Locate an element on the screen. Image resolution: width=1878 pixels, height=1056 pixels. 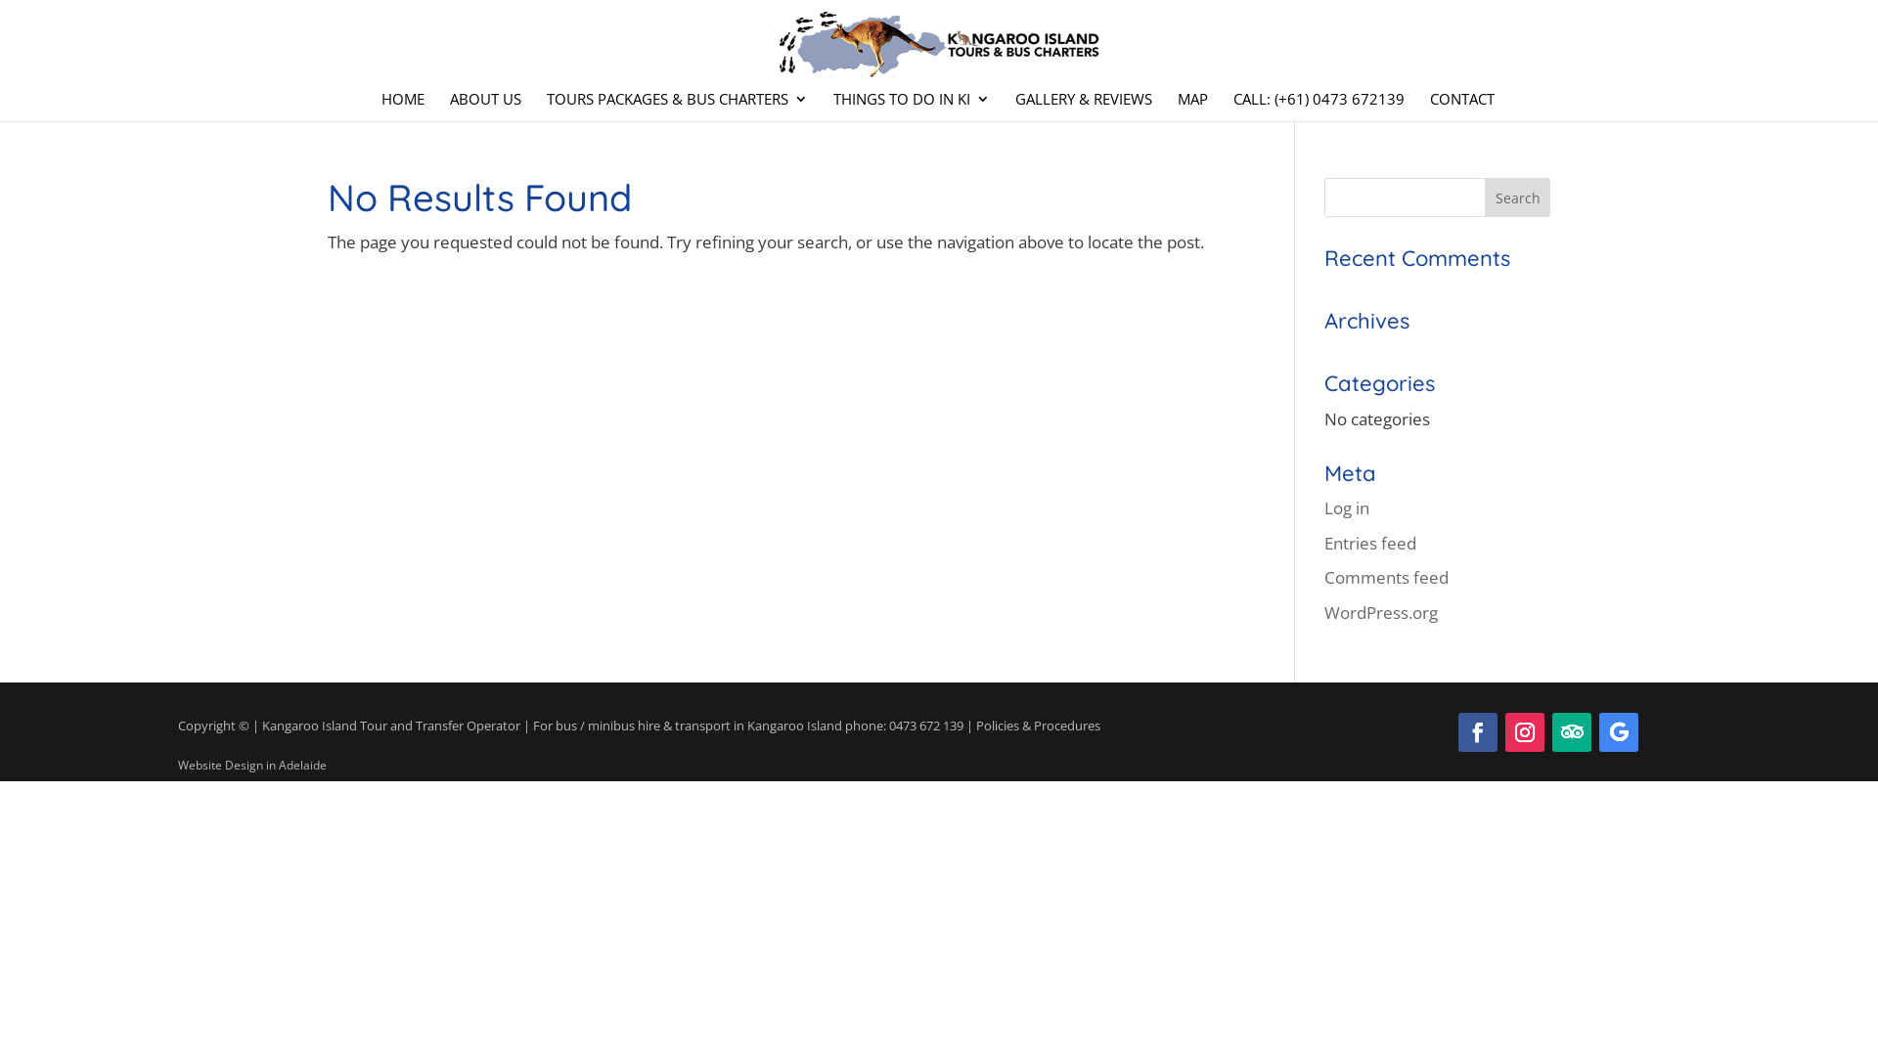
'Follow on Instagram' is located at coordinates (1524, 731).